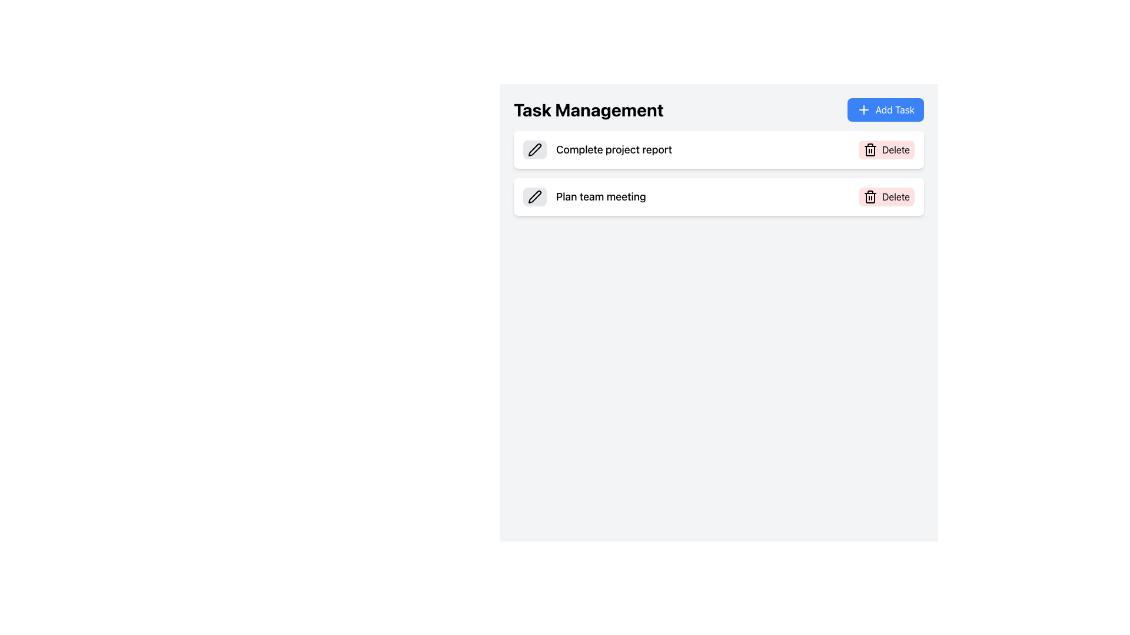 Image resolution: width=1130 pixels, height=635 pixels. What do you see at coordinates (718, 196) in the screenshot?
I see `task description of the second task item in the Task Management section, which is directly below the 'Complete project report' list item` at bounding box center [718, 196].